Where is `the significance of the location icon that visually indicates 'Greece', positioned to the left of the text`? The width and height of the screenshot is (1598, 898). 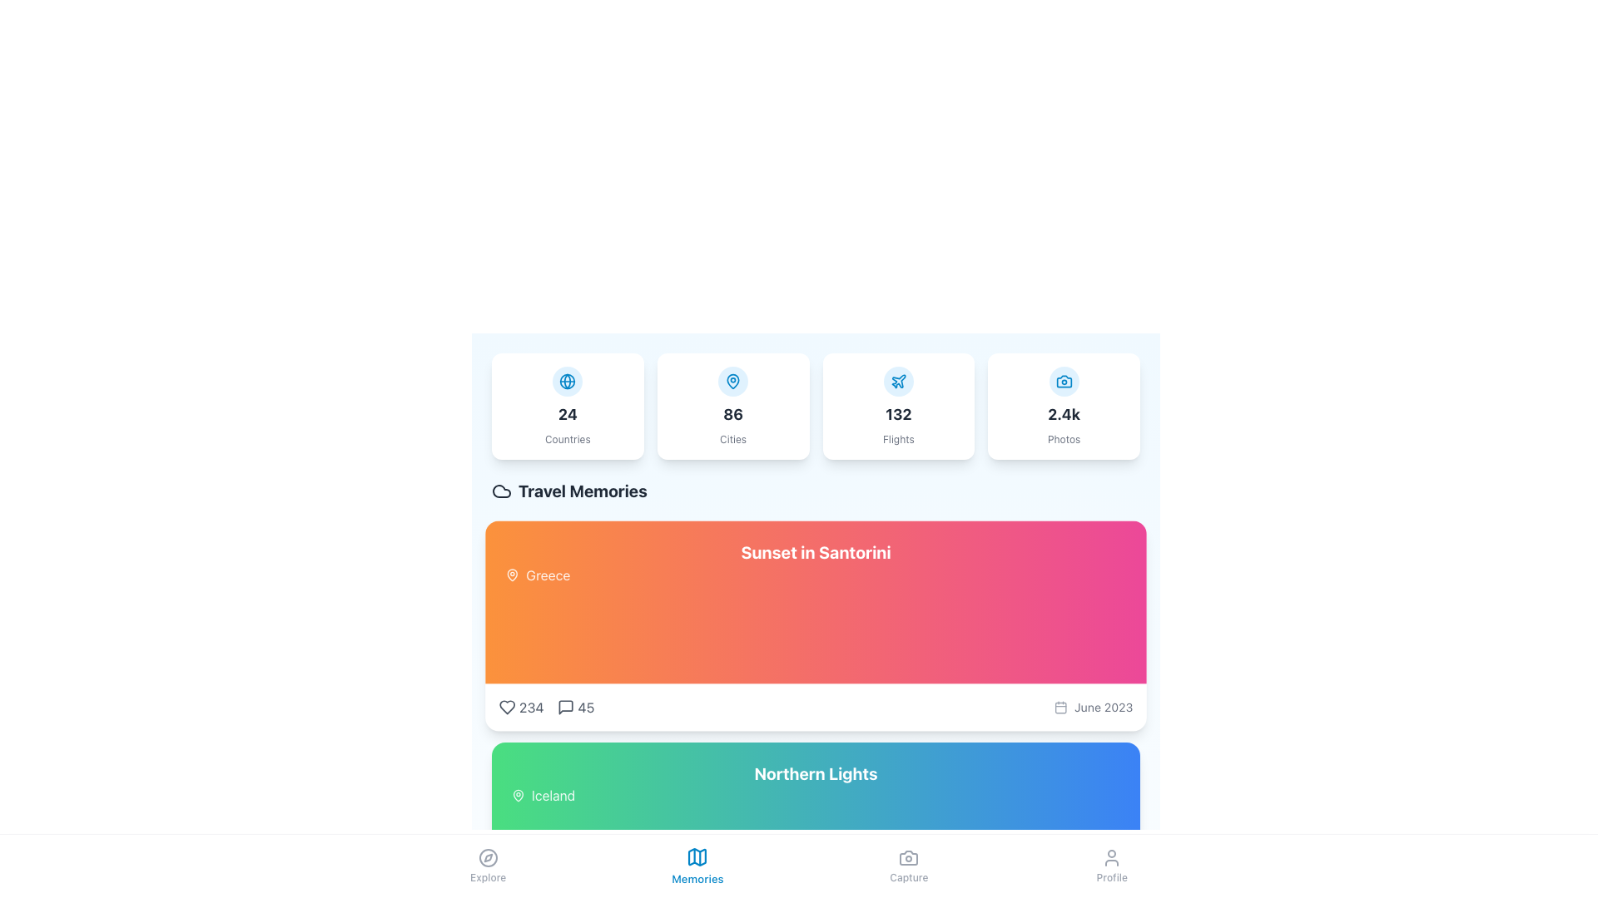 the significance of the location icon that visually indicates 'Greece', positioned to the left of the text is located at coordinates (511, 574).